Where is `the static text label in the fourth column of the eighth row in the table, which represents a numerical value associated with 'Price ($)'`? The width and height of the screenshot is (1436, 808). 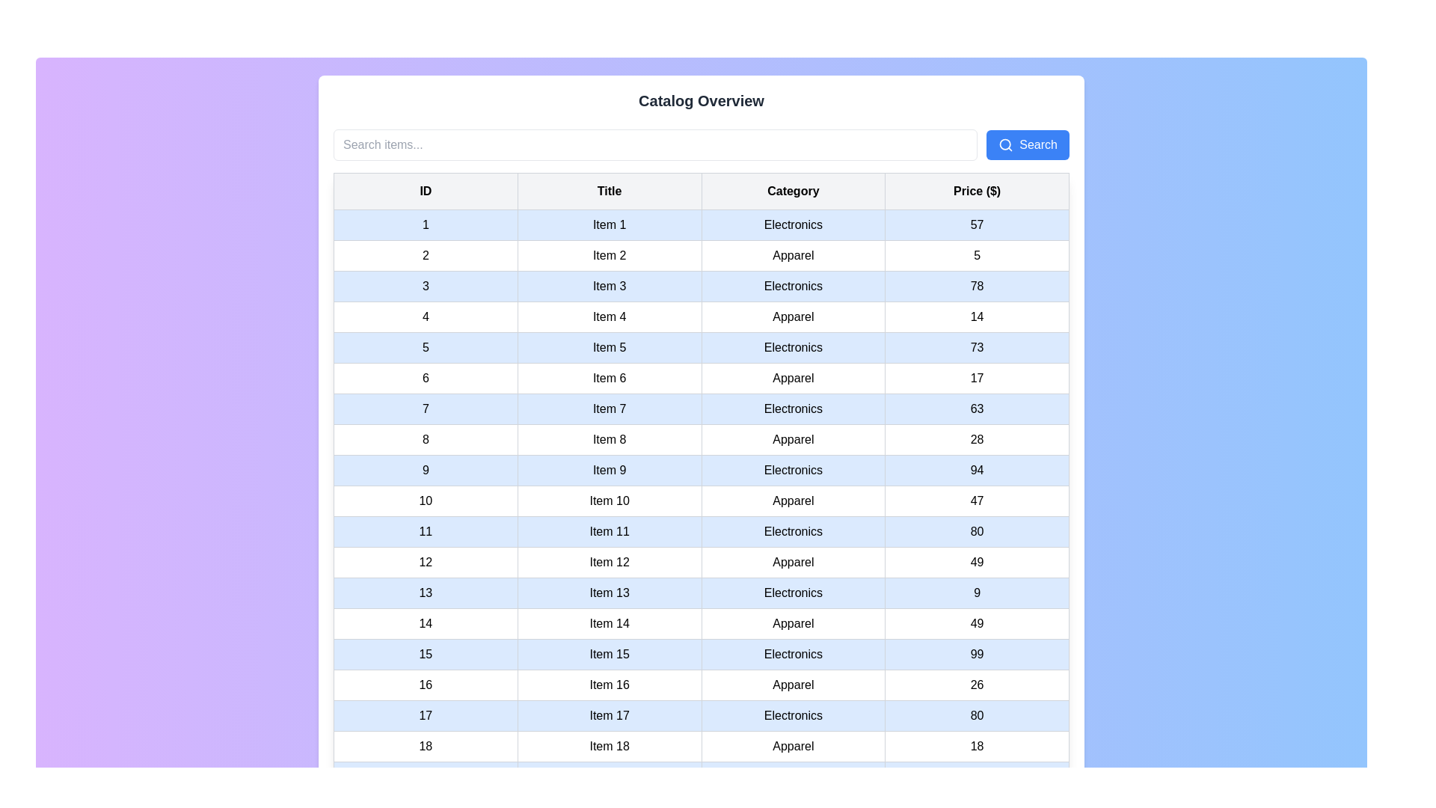 the static text label in the fourth column of the eighth row in the table, which represents a numerical value associated with 'Price ($)' is located at coordinates (977, 438).